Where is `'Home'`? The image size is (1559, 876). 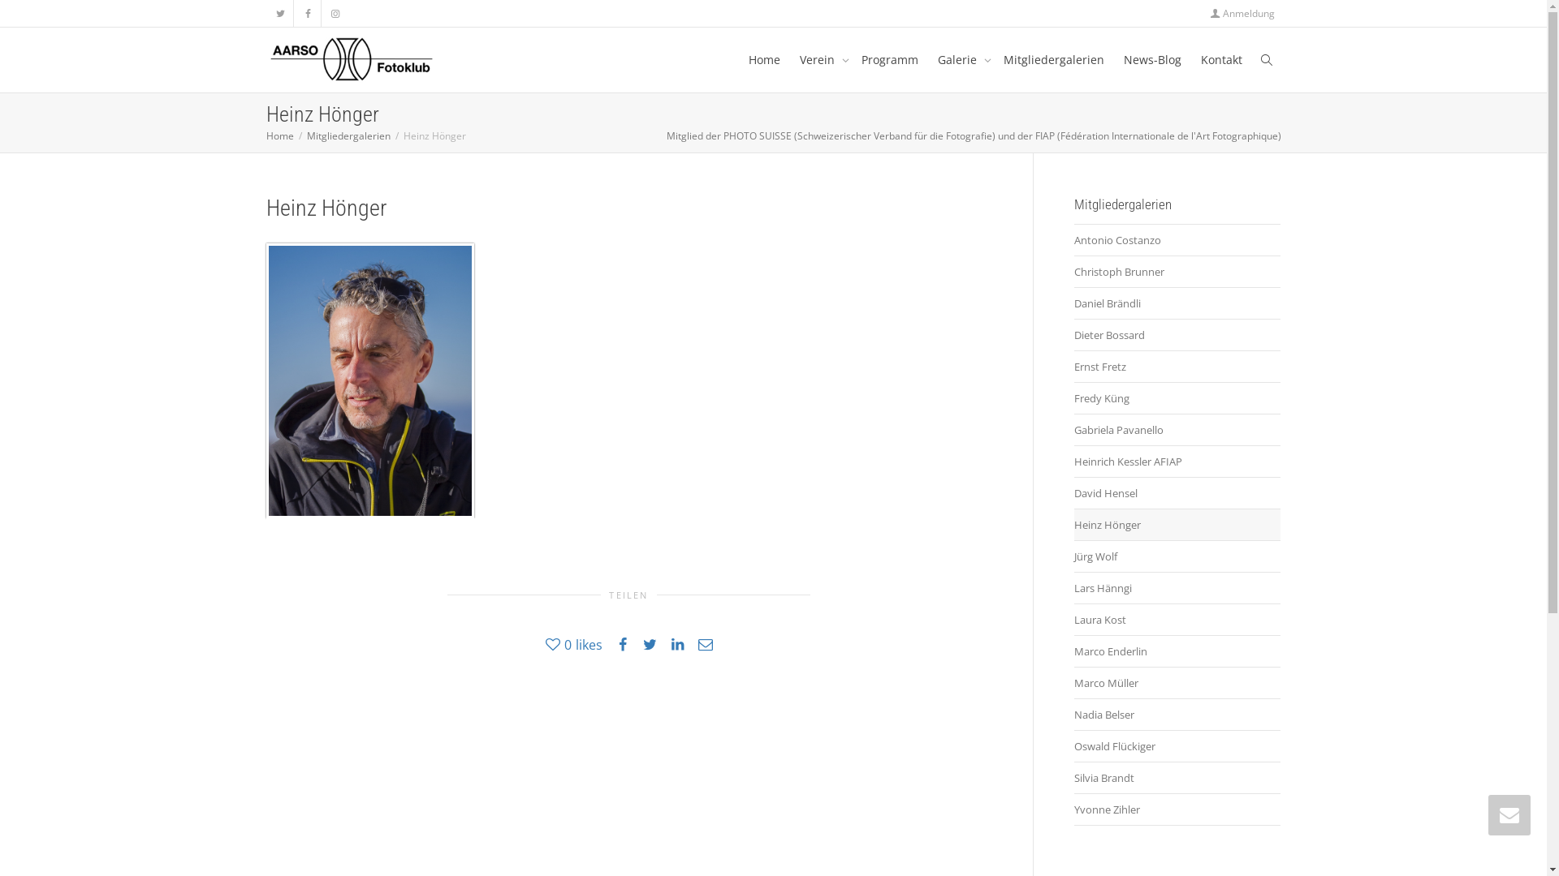 'Home' is located at coordinates (763, 58).